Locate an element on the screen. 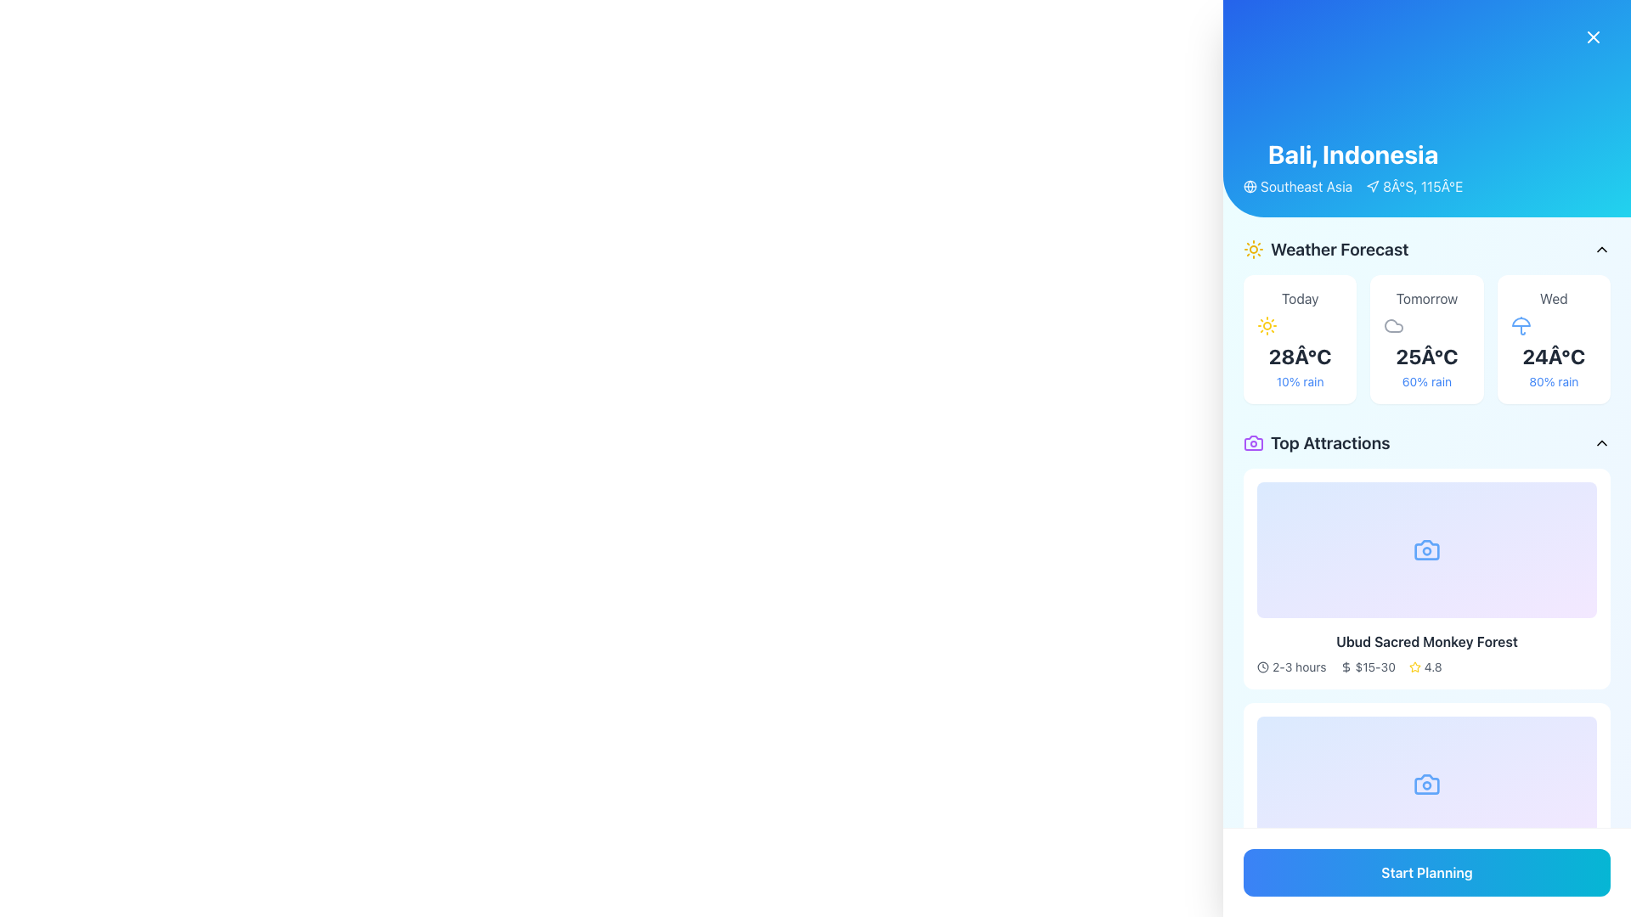 Image resolution: width=1631 pixels, height=917 pixels. the precipitation probability text located within the 'Tomorrow' weather forecast card, situated beneath the temperature value '25°C' and aligned at the bottom of the forecast block is located at coordinates (1427, 382).